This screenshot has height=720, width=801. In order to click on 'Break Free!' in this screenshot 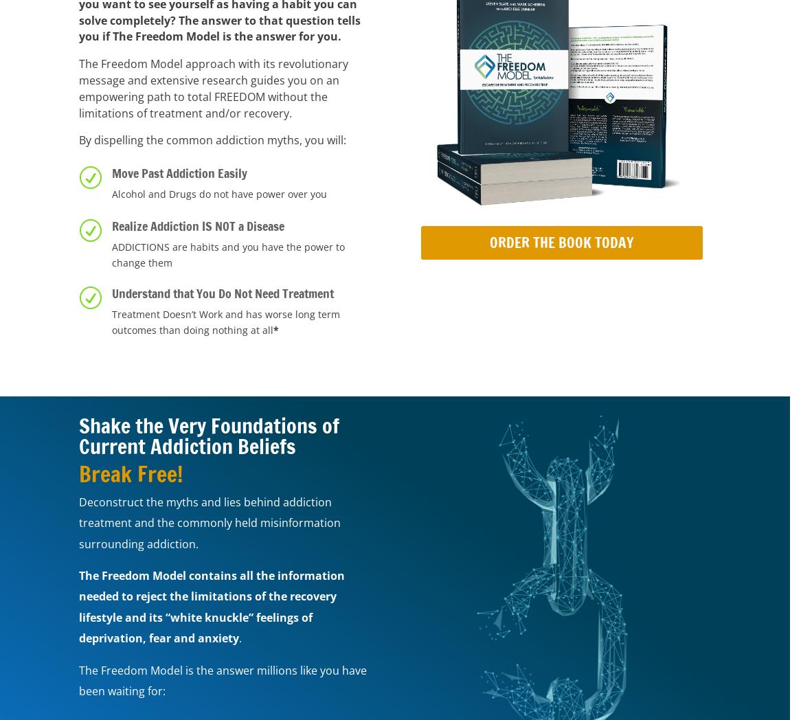, I will do `click(130, 473)`.